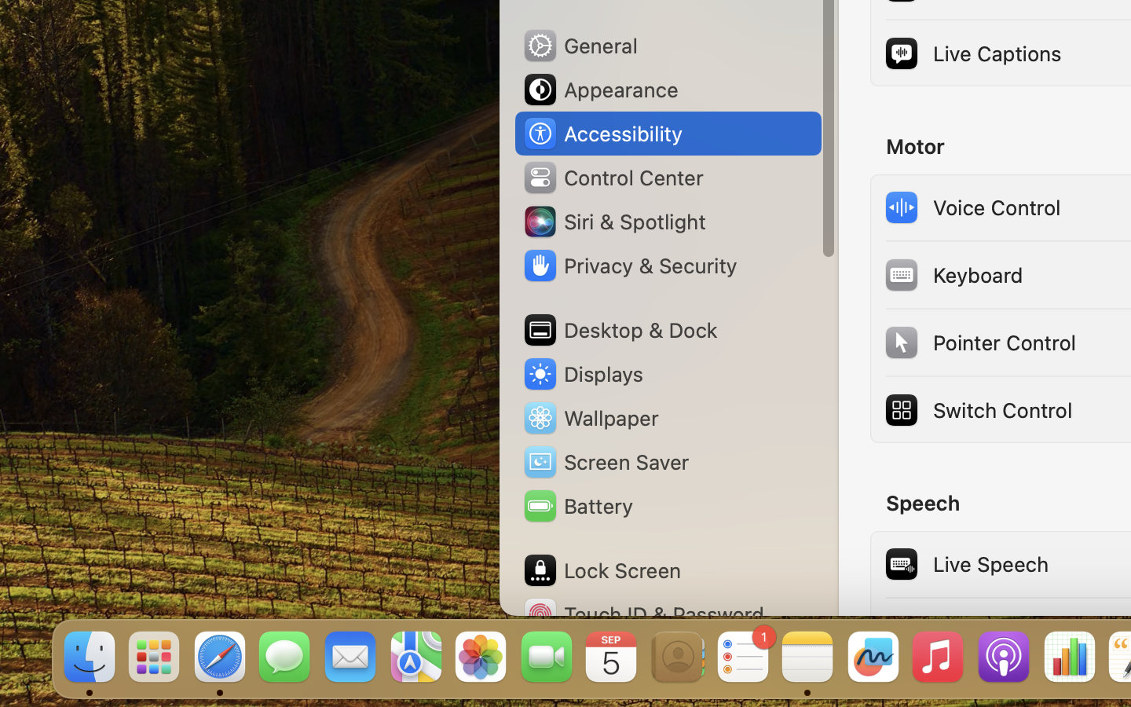 Image resolution: width=1131 pixels, height=707 pixels. What do you see at coordinates (582, 373) in the screenshot?
I see `'Displays'` at bounding box center [582, 373].